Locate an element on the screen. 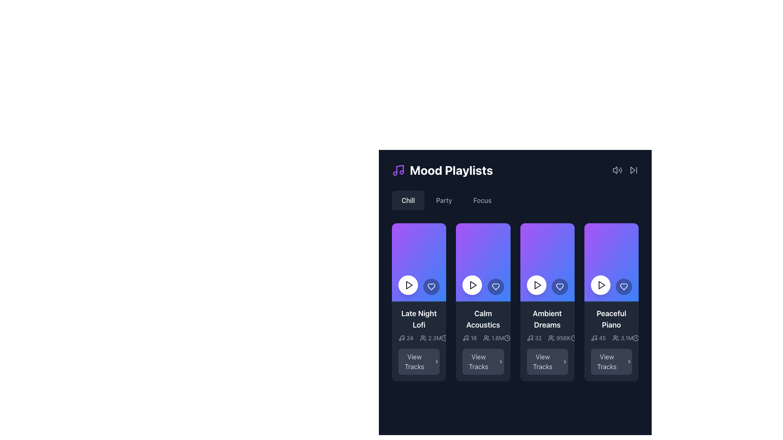 The height and width of the screenshot is (440, 783). the user icon representing a group of people located to the left of the text '956K' associated with the 'Ambient Dreams' playlist is located at coordinates (551, 338).